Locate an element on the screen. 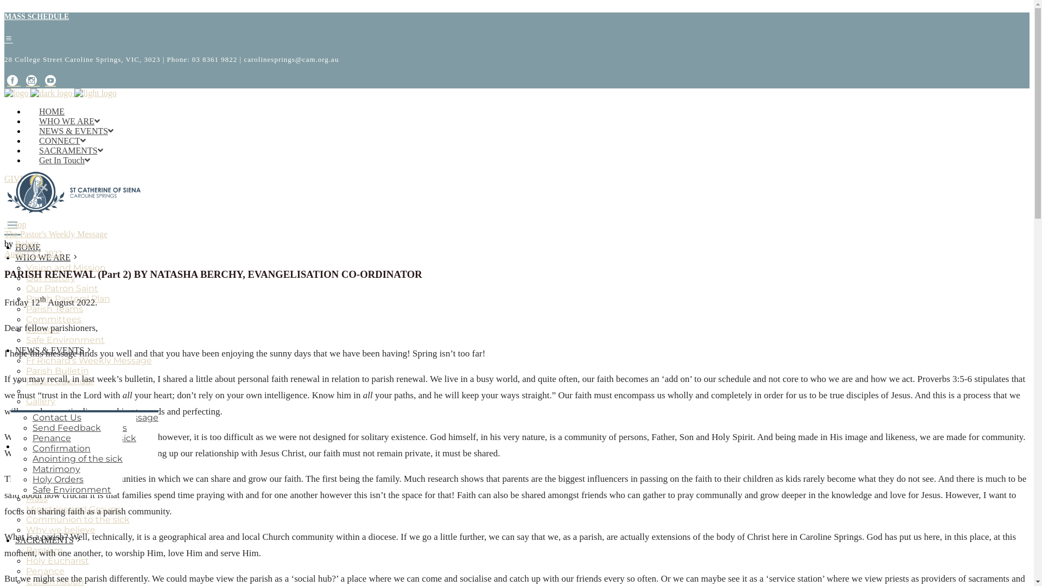 This screenshot has height=586, width=1042. 'WHO WE ARE' is located at coordinates (69, 121).